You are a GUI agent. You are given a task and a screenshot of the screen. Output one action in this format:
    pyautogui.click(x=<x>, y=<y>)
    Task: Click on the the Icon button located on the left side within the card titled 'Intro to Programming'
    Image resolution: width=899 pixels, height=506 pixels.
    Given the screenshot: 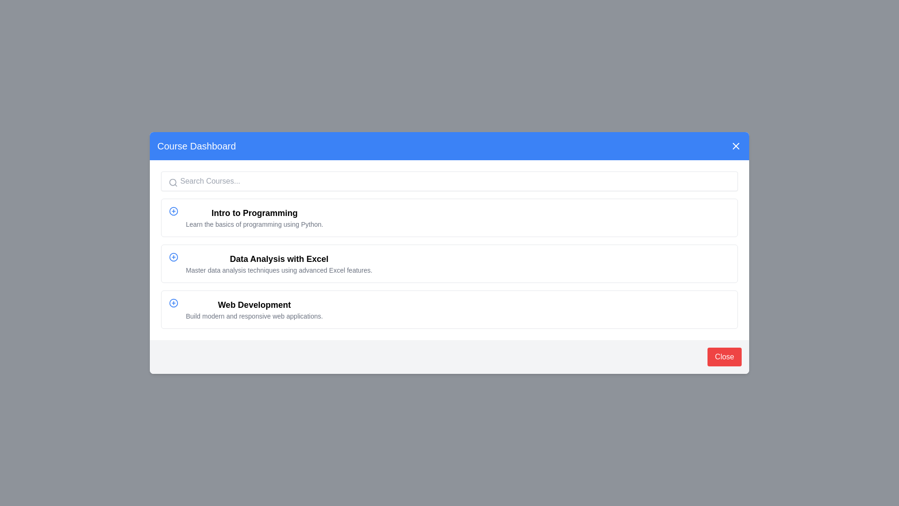 What is the action you would take?
    pyautogui.click(x=173, y=211)
    